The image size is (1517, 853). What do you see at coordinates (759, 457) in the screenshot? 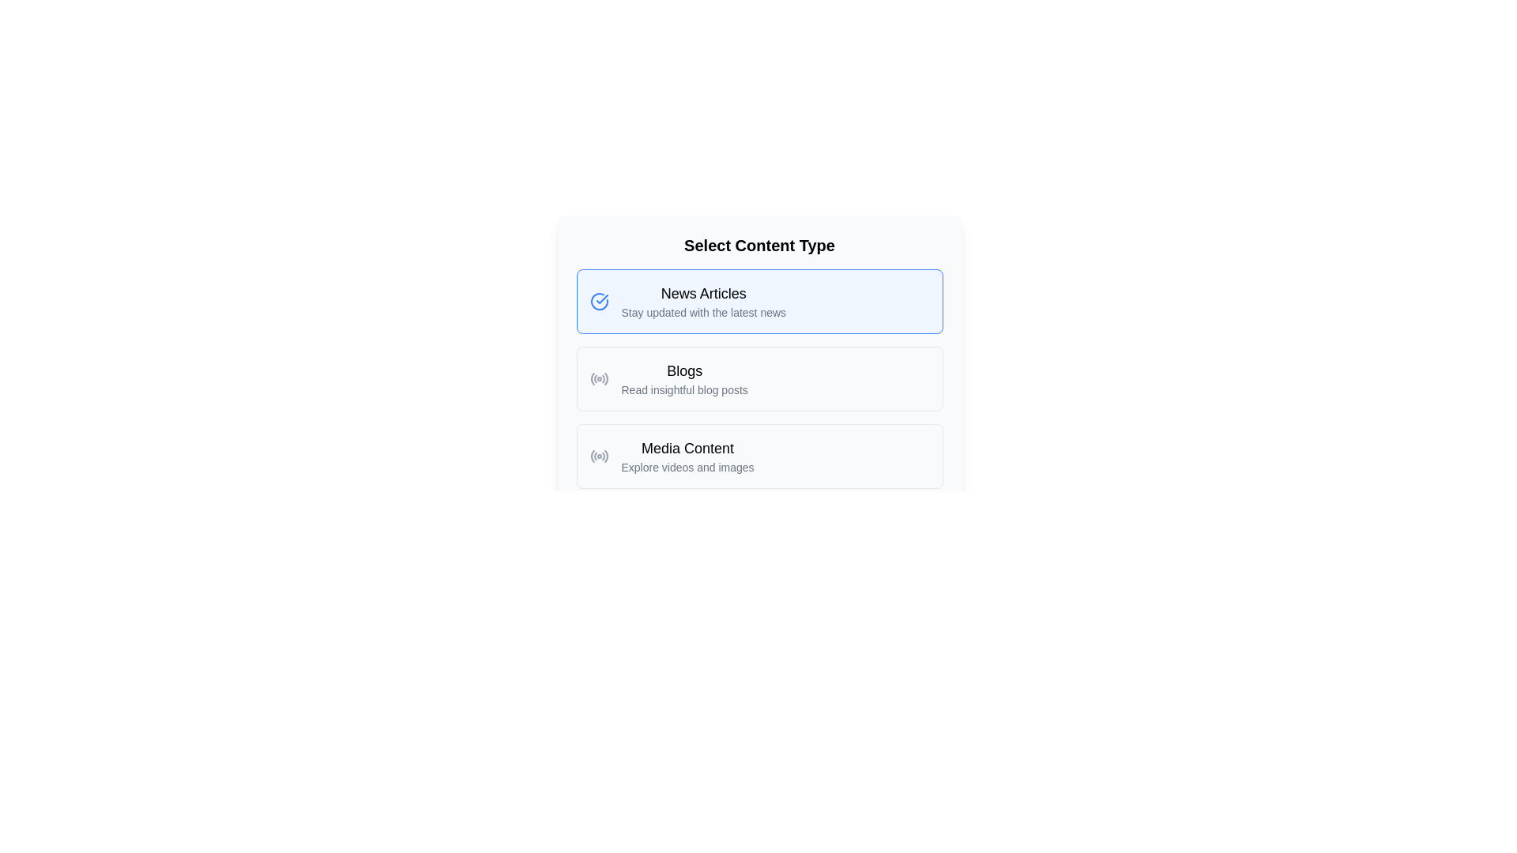
I see `the third clickable box representing the 'Media Content' category` at bounding box center [759, 457].